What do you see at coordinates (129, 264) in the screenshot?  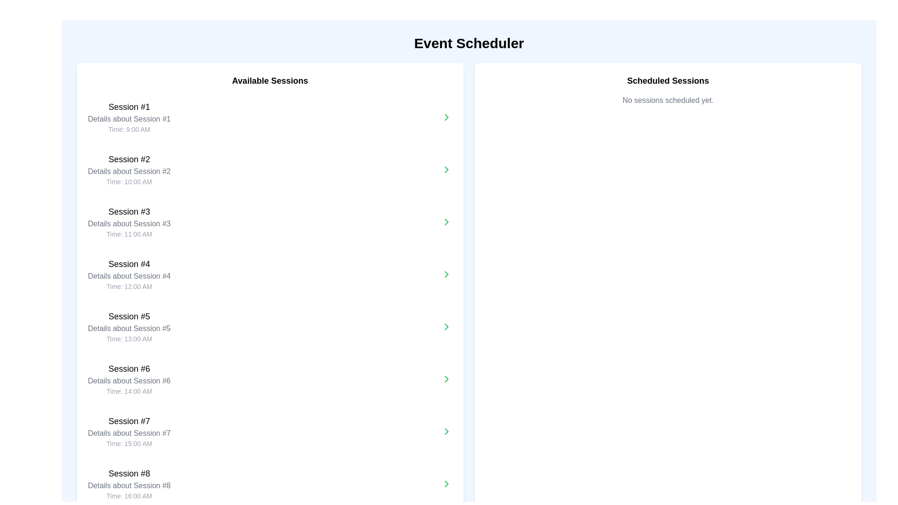 I see `the text label displaying 'Session #4' which is located in the fourth position of the 'Available Sessions' list` at bounding box center [129, 264].